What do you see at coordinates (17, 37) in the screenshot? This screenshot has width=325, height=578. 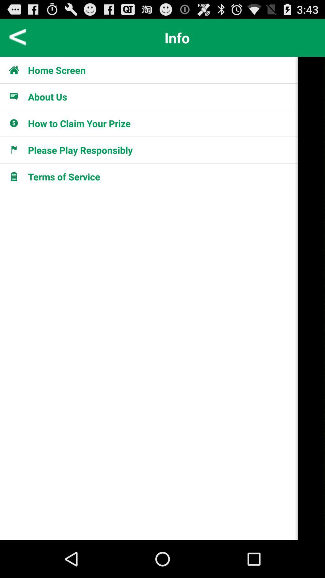 I see `item to the left of the info icon` at bounding box center [17, 37].